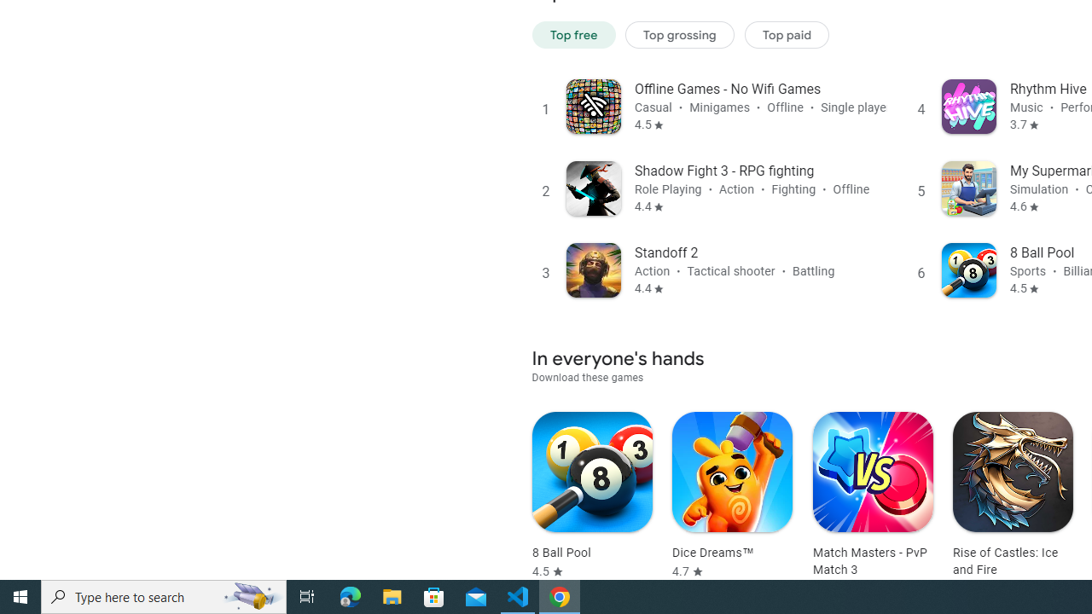 This screenshot has height=614, width=1092. Describe the element at coordinates (786, 34) in the screenshot. I see `'Top paid'` at that location.